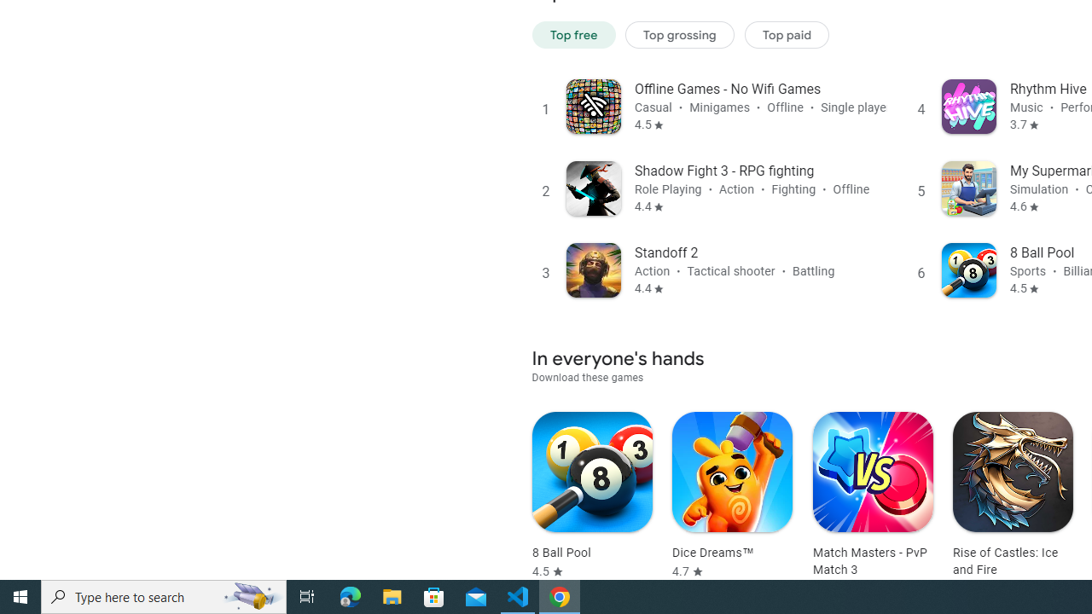 This screenshot has height=614, width=1092. Describe the element at coordinates (786, 34) in the screenshot. I see `'Top paid'` at that location.